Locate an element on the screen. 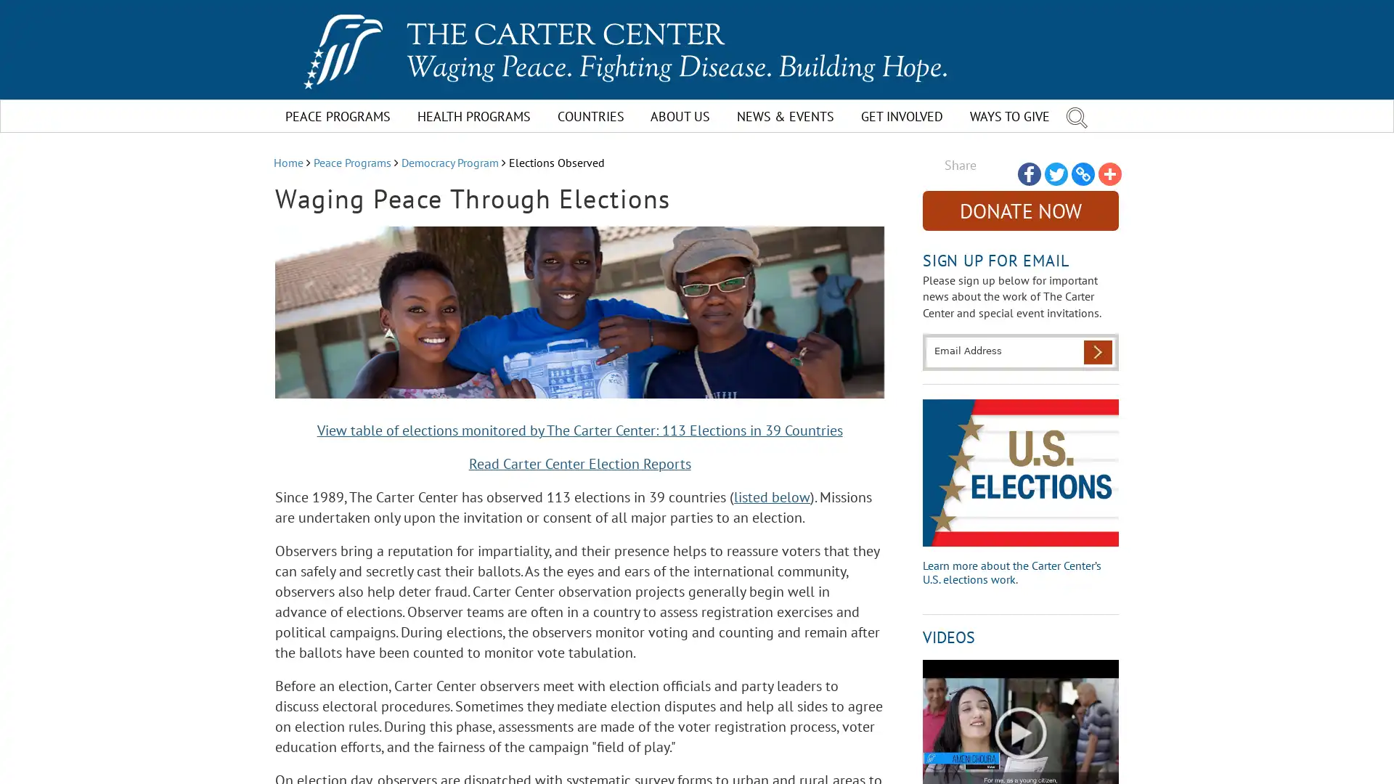  Share to Twitter is located at coordinates (1056, 173).